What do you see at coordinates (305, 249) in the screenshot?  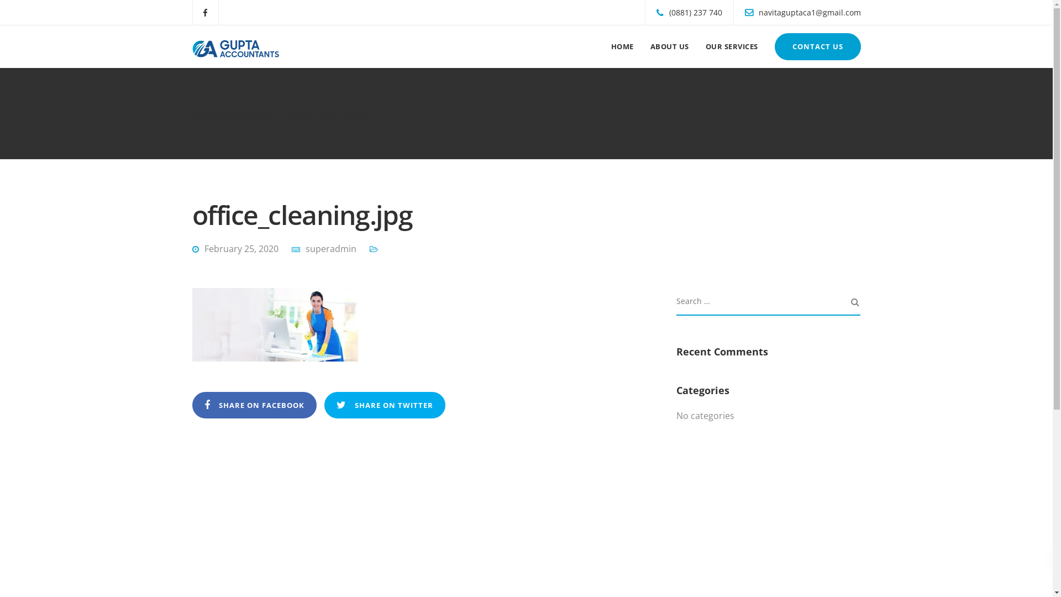 I see `'superadmin'` at bounding box center [305, 249].